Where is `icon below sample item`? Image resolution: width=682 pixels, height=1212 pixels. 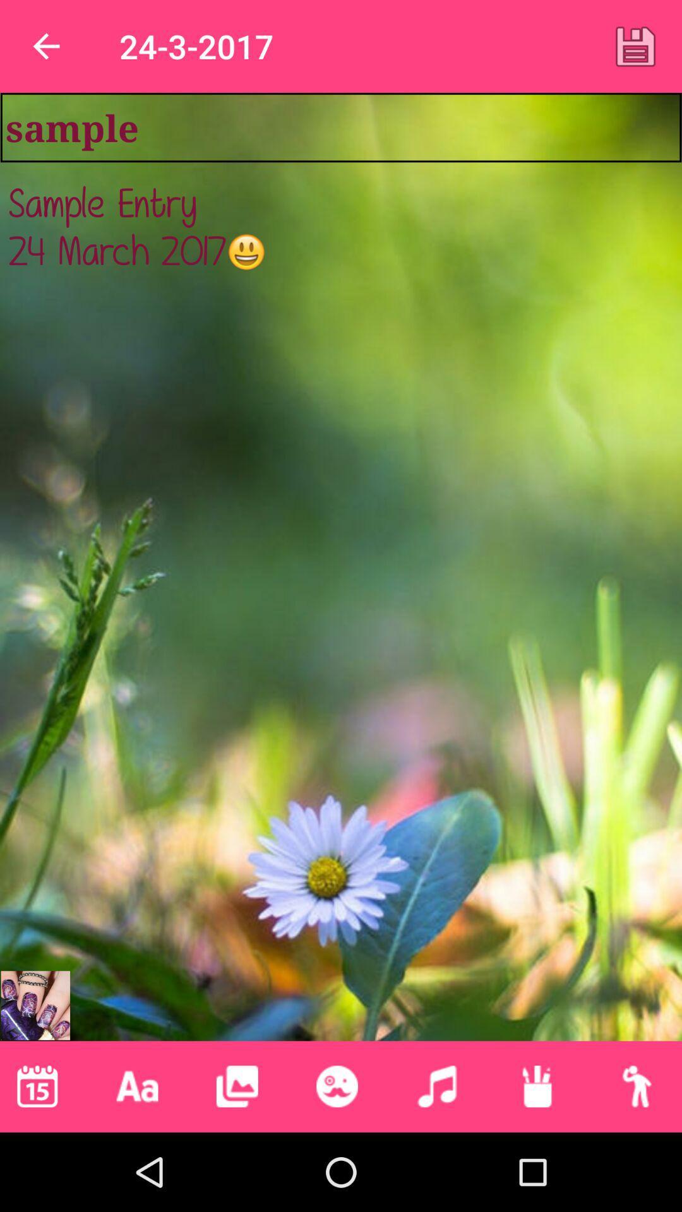
icon below sample item is located at coordinates (341, 574).